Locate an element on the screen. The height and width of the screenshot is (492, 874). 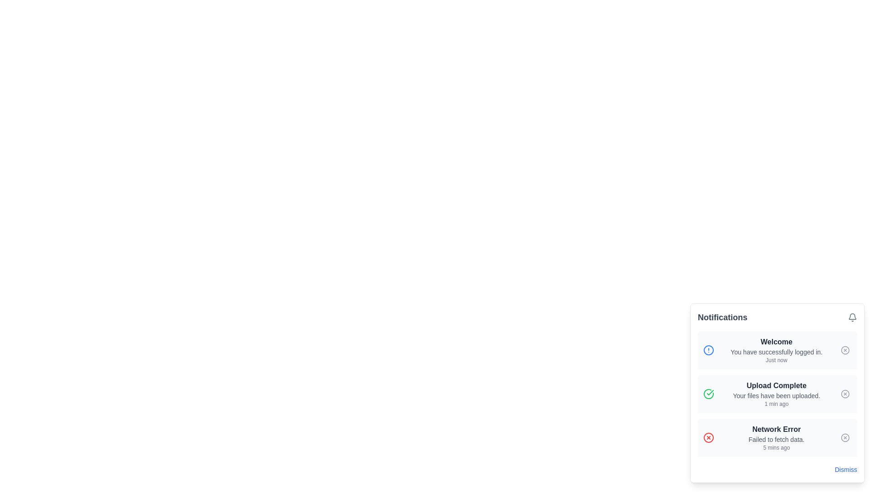
the Text Label that indicates the successful upload of files, located within the 'Upload Complete' notification group is located at coordinates (776, 395).